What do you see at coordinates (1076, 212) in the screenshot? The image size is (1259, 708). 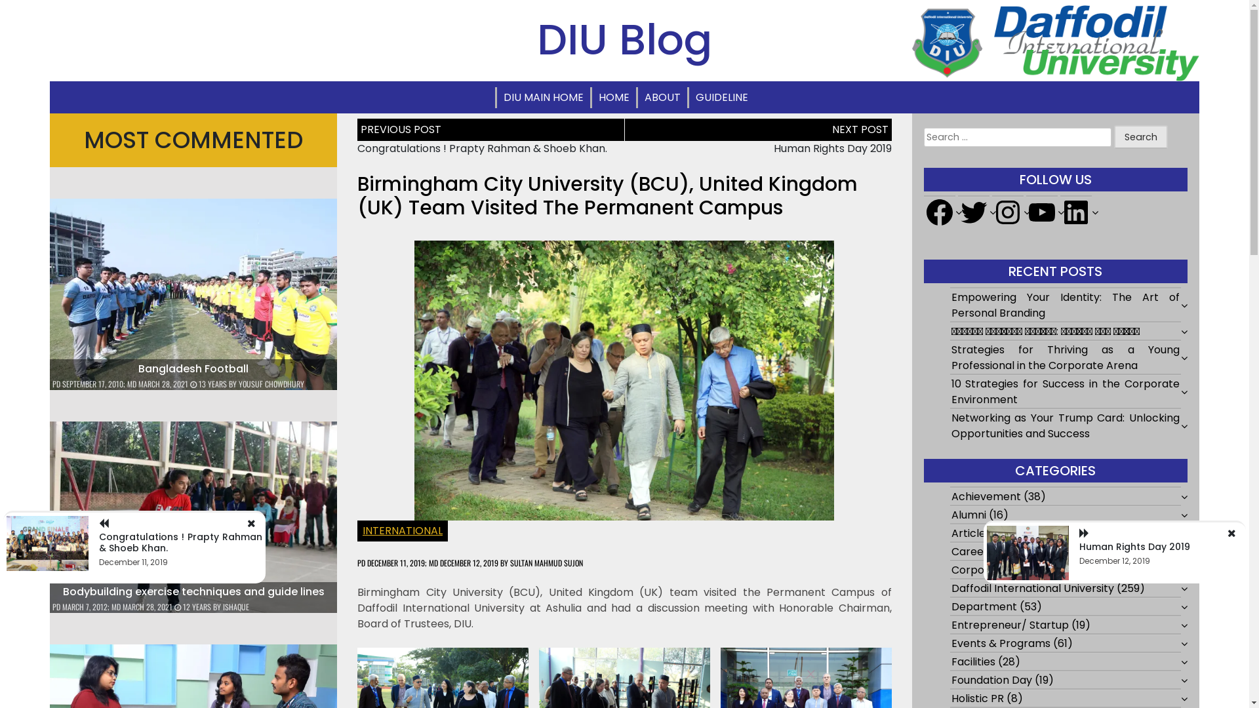 I see `'LinkedIn'` at bounding box center [1076, 212].